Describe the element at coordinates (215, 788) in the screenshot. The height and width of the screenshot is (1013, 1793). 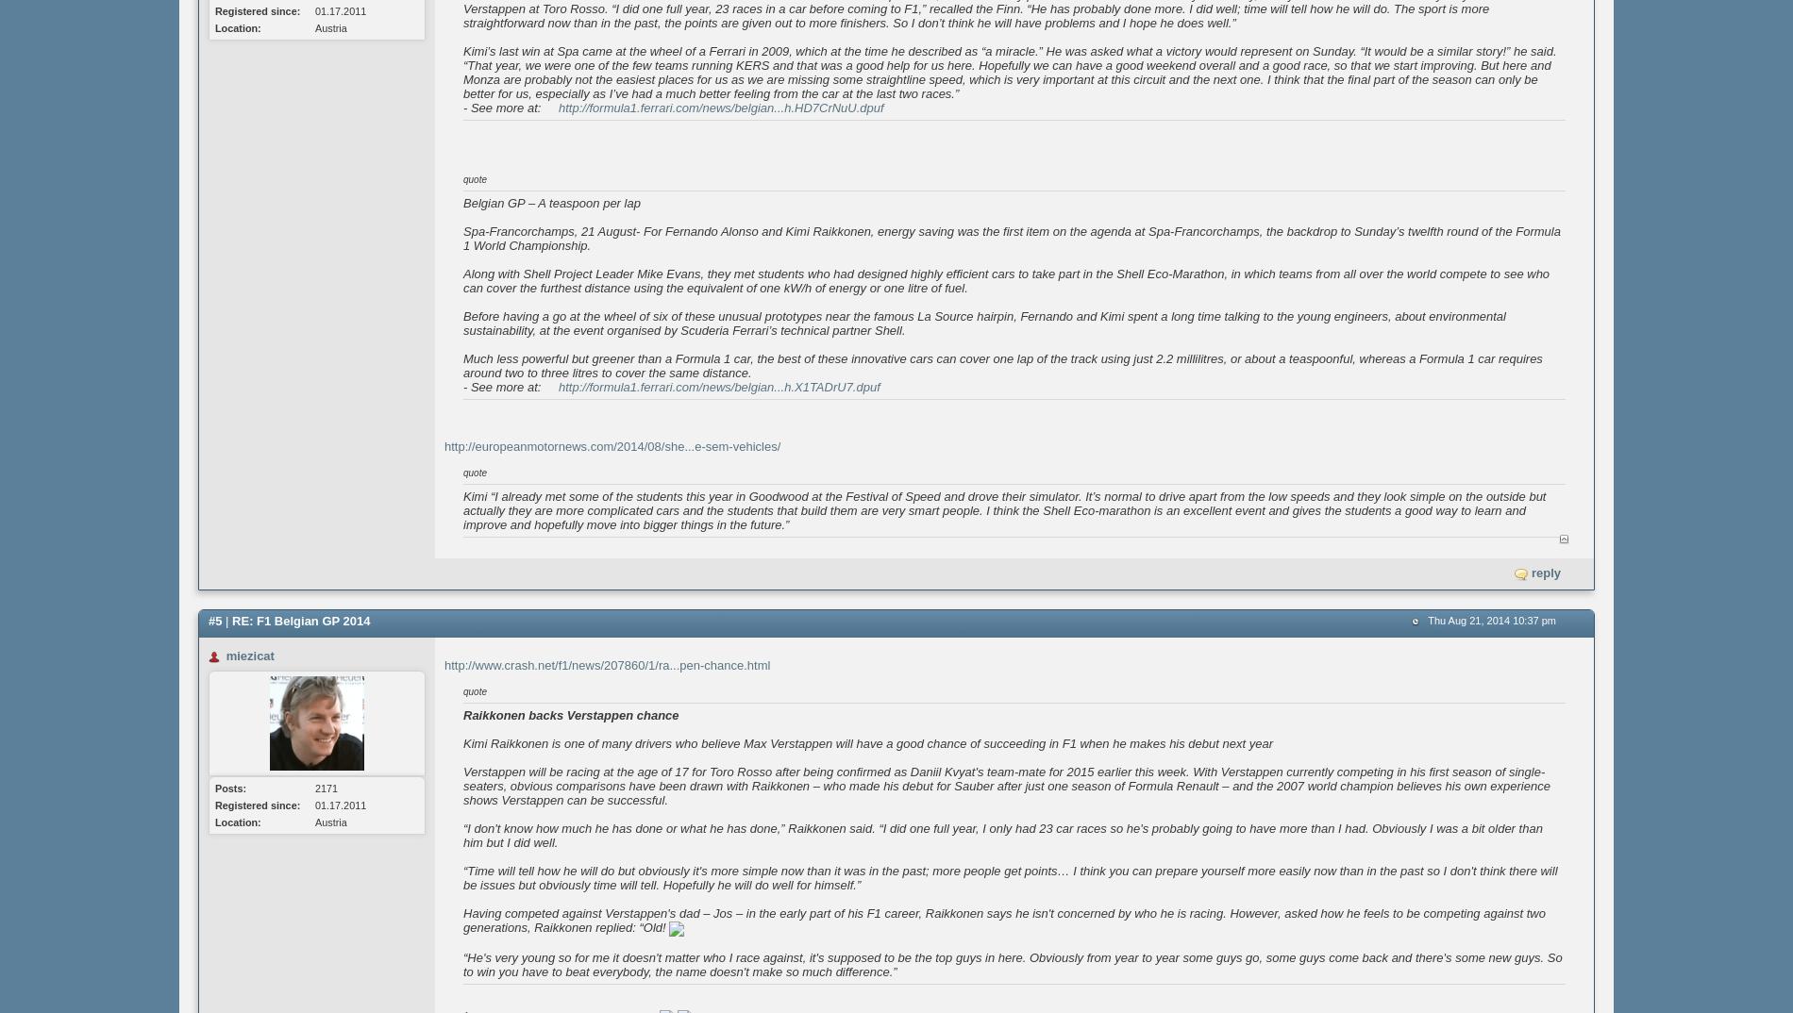
I see `'Posts:'` at that location.